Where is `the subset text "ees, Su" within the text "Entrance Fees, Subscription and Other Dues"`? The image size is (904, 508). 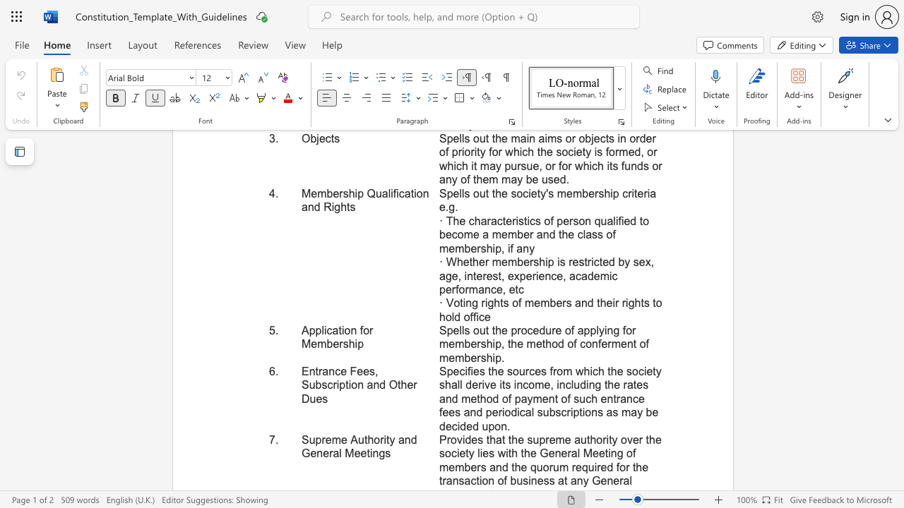
the subset text "ees, Su" within the text "Entrance Fees, Subscription and Other Dues" is located at coordinates (357, 370).